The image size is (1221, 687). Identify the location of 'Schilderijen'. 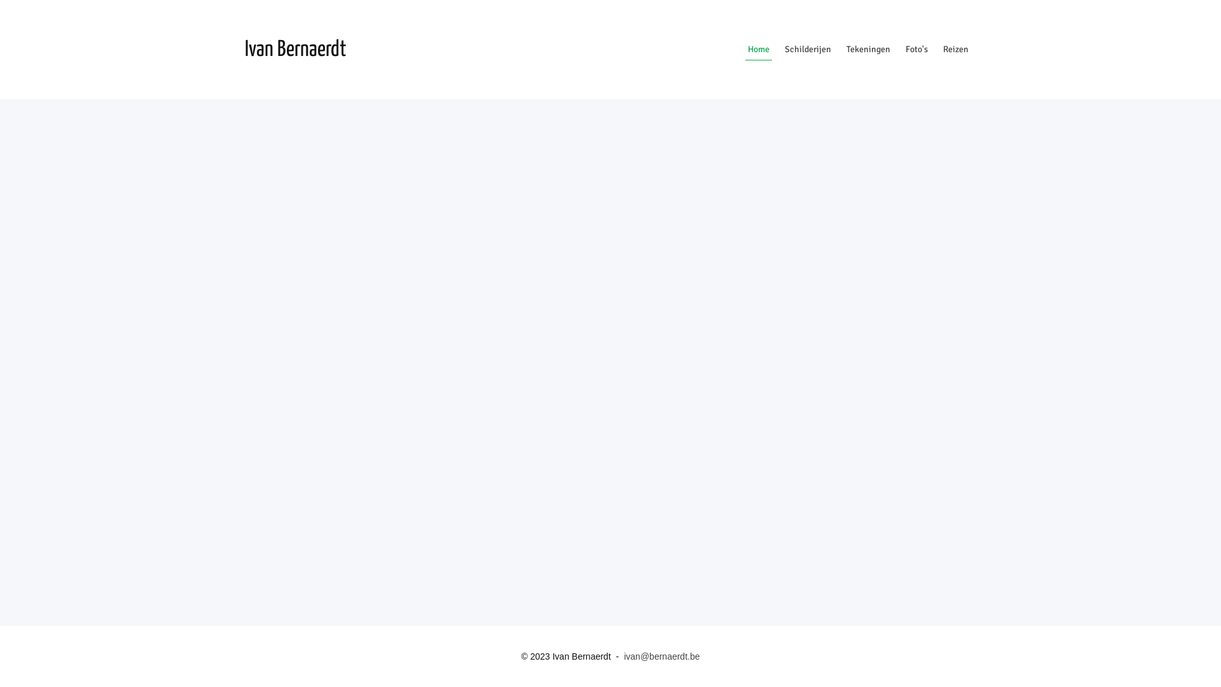
(807, 48).